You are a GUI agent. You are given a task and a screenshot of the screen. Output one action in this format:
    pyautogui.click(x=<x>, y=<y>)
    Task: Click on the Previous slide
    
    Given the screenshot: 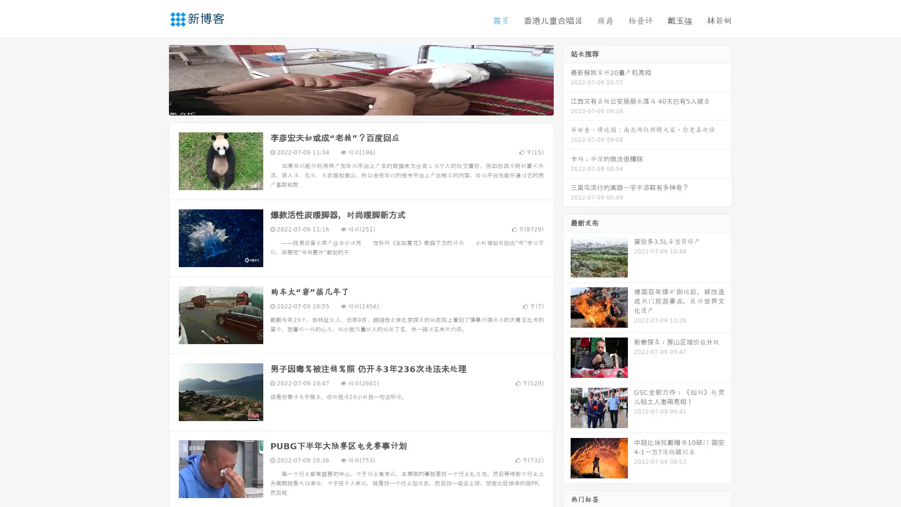 What is the action you would take?
    pyautogui.click(x=155, y=79)
    